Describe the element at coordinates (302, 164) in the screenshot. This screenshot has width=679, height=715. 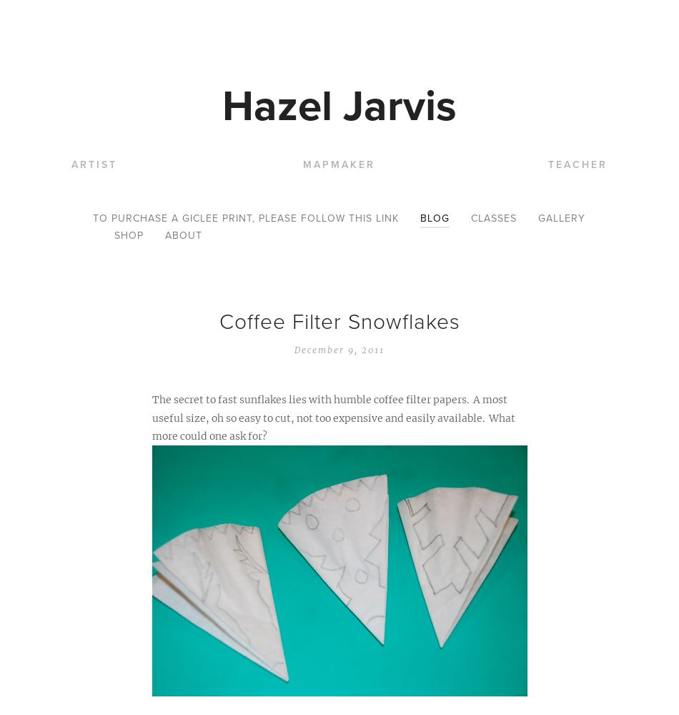
I see `'Mapmaker'` at that location.